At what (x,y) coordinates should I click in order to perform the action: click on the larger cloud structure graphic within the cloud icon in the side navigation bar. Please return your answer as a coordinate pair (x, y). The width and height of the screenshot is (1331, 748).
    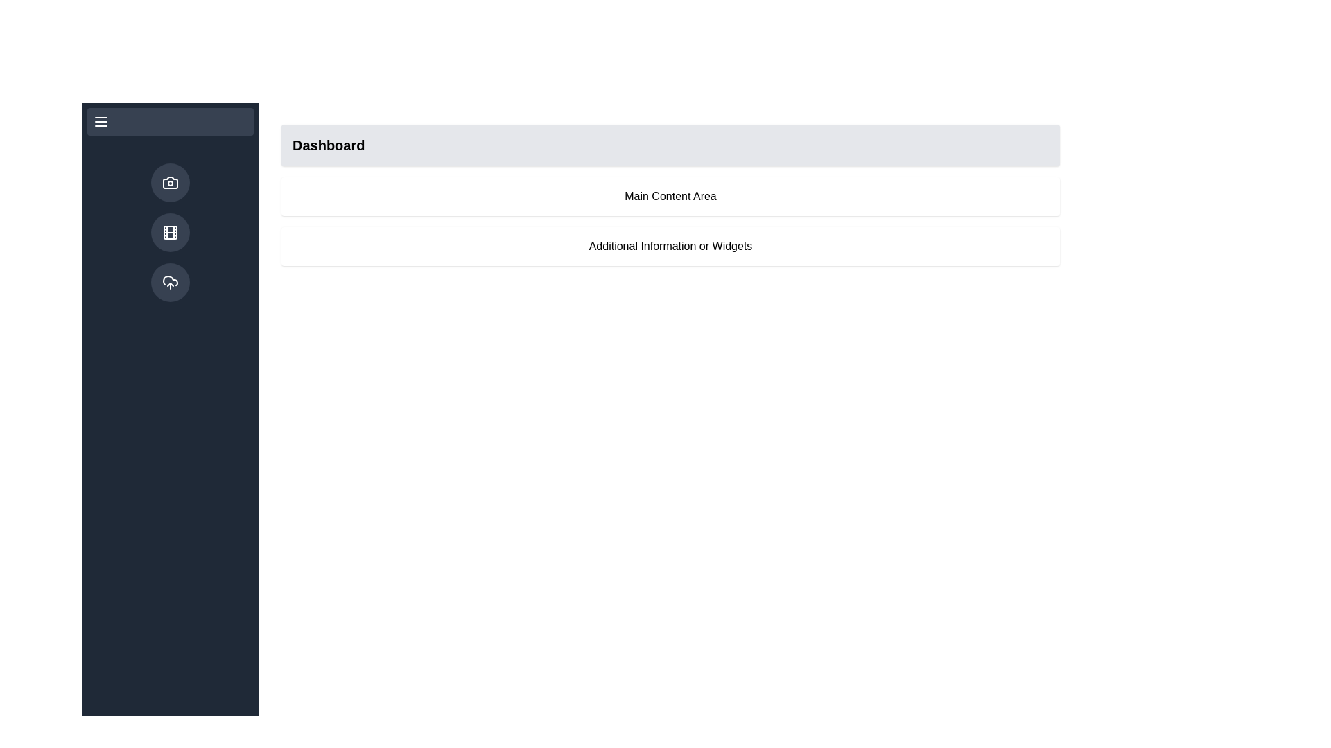
    Looking at the image, I should click on (169, 280).